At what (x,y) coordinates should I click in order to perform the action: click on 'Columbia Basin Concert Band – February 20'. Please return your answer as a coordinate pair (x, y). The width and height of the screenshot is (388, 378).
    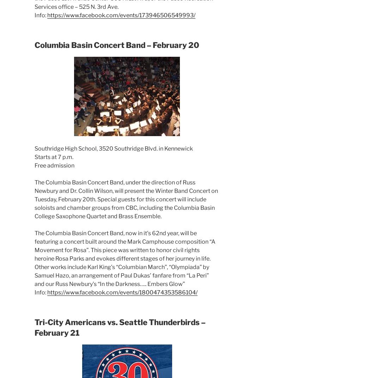
    Looking at the image, I should click on (116, 45).